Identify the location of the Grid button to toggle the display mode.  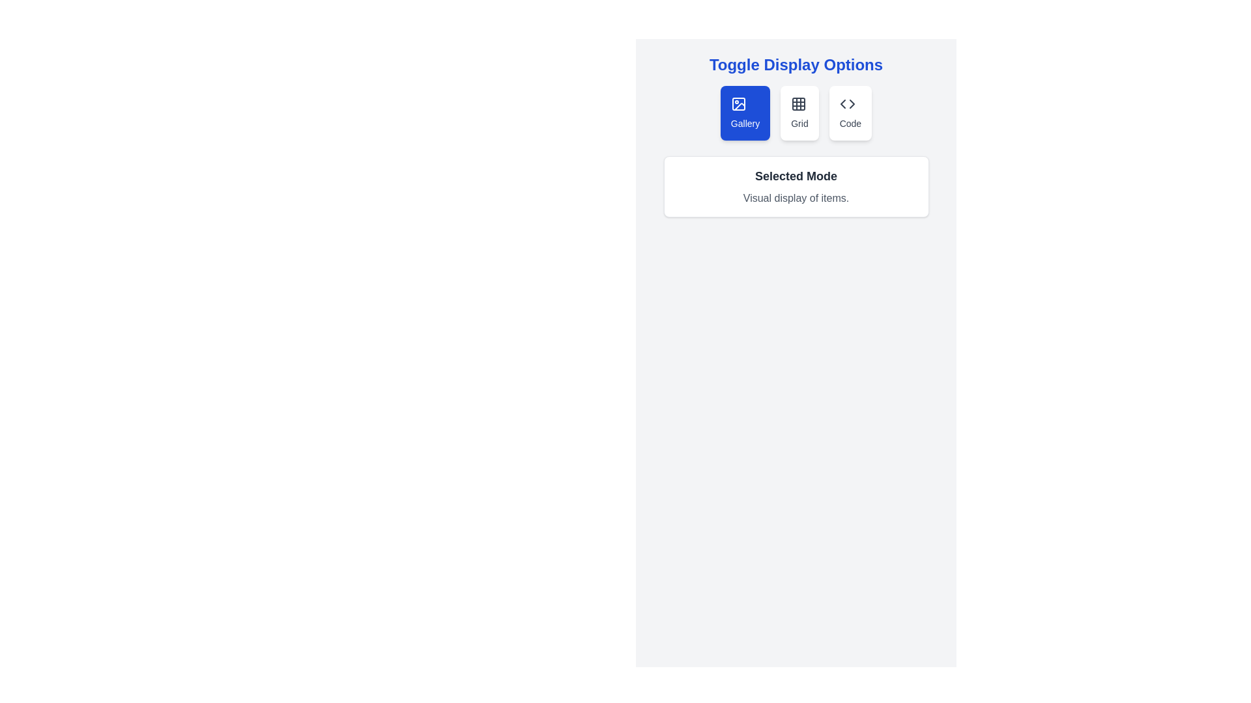
(799, 112).